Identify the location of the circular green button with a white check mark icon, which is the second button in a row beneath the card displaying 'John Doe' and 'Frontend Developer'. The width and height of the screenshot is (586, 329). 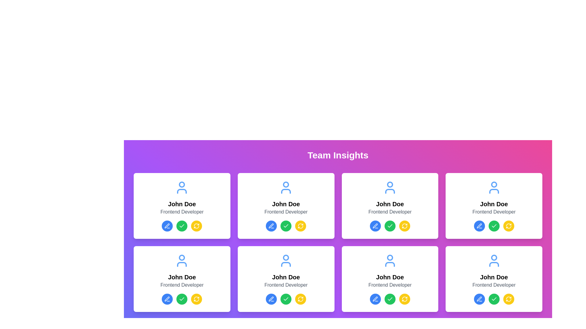
(389, 226).